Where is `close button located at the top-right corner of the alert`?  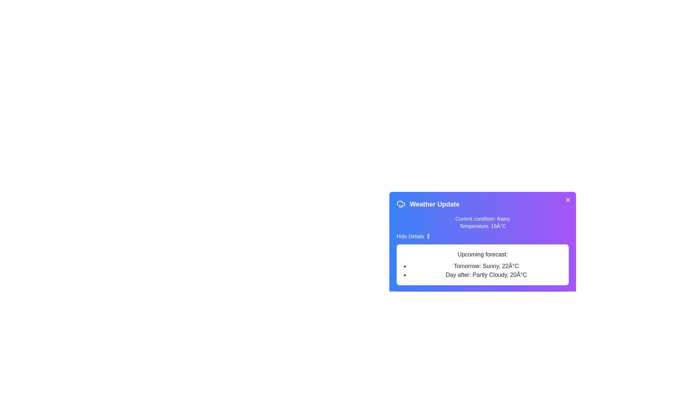
close button located at the top-right corner of the alert is located at coordinates (568, 200).